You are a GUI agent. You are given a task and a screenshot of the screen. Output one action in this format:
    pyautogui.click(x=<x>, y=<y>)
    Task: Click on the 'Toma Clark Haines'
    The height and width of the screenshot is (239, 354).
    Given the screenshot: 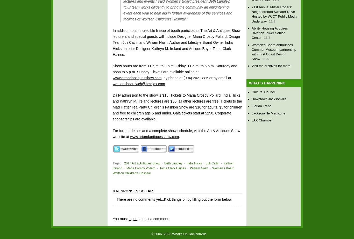 What is the action you would take?
    pyautogui.click(x=172, y=168)
    